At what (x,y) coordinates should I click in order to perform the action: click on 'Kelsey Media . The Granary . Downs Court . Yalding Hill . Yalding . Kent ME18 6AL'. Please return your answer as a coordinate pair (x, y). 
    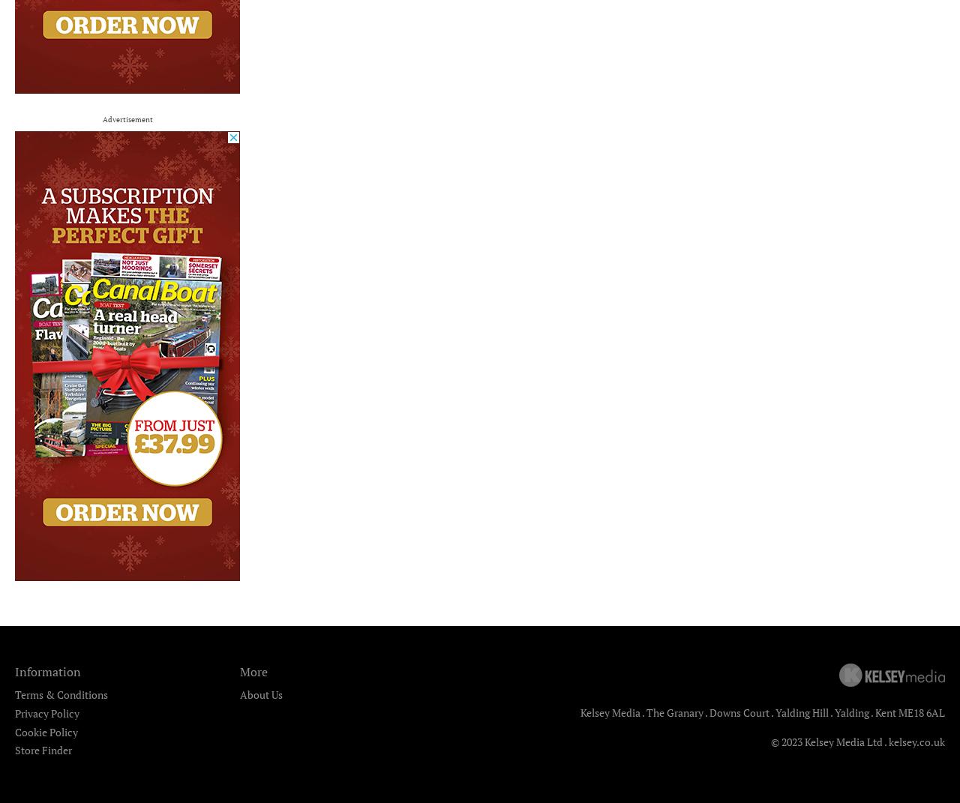
    Looking at the image, I should click on (762, 711).